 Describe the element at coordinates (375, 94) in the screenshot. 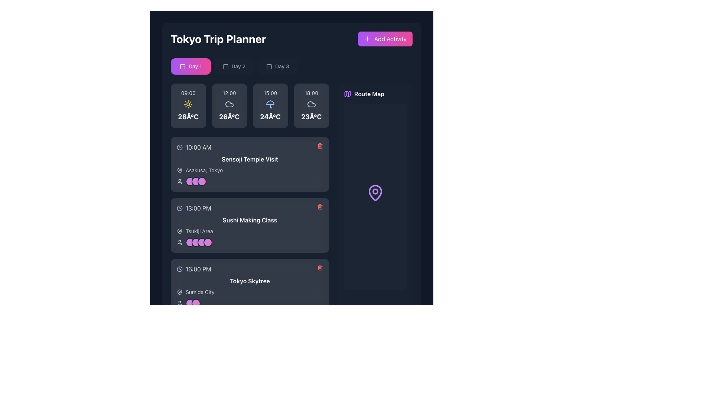

I see `details of the Label with icon located in the top-right section of the interface, above the map display` at that location.